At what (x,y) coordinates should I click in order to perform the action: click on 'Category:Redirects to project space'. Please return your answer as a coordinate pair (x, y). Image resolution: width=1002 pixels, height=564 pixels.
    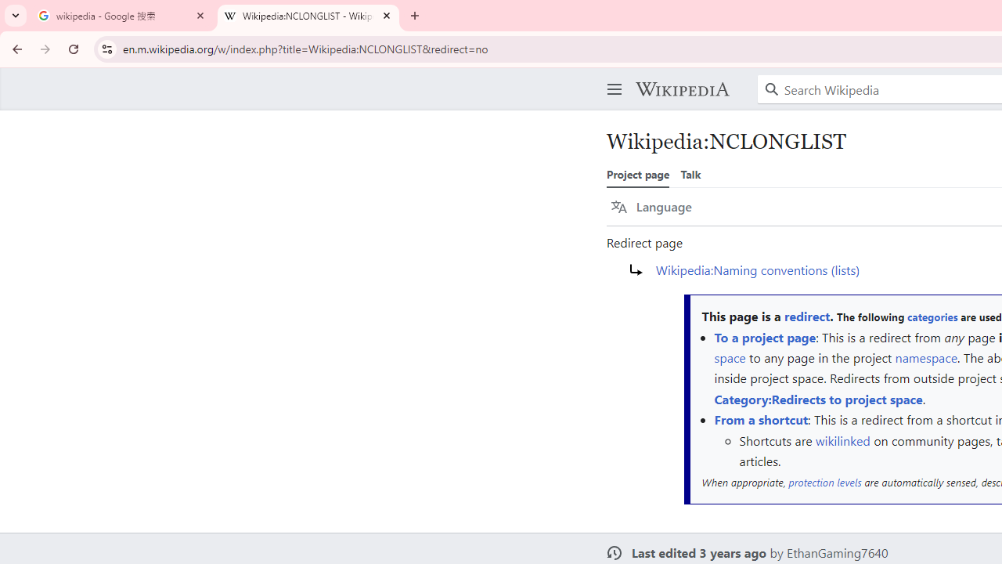
    Looking at the image, I should click on (817, 398).